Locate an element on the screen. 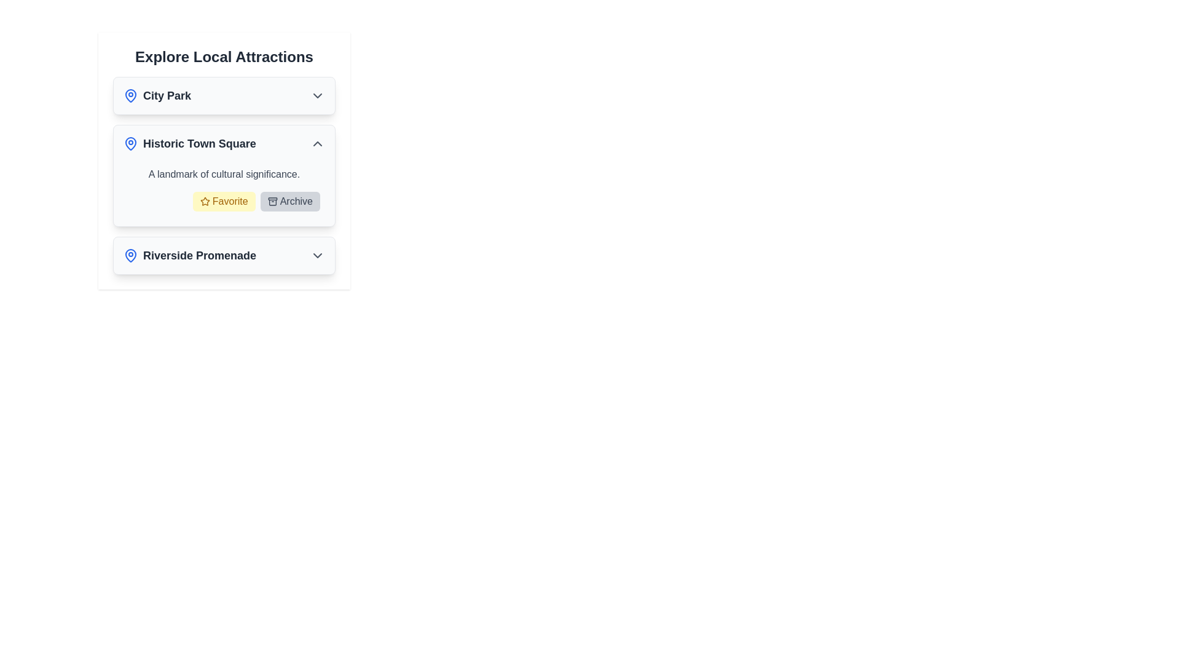  the 'City Park' text label, which is styled in a semi-bold, large dark gray font and positioned to the right of a blue location icon under the header 'Explore Local Attractions' is located at coordinates (167, 95).